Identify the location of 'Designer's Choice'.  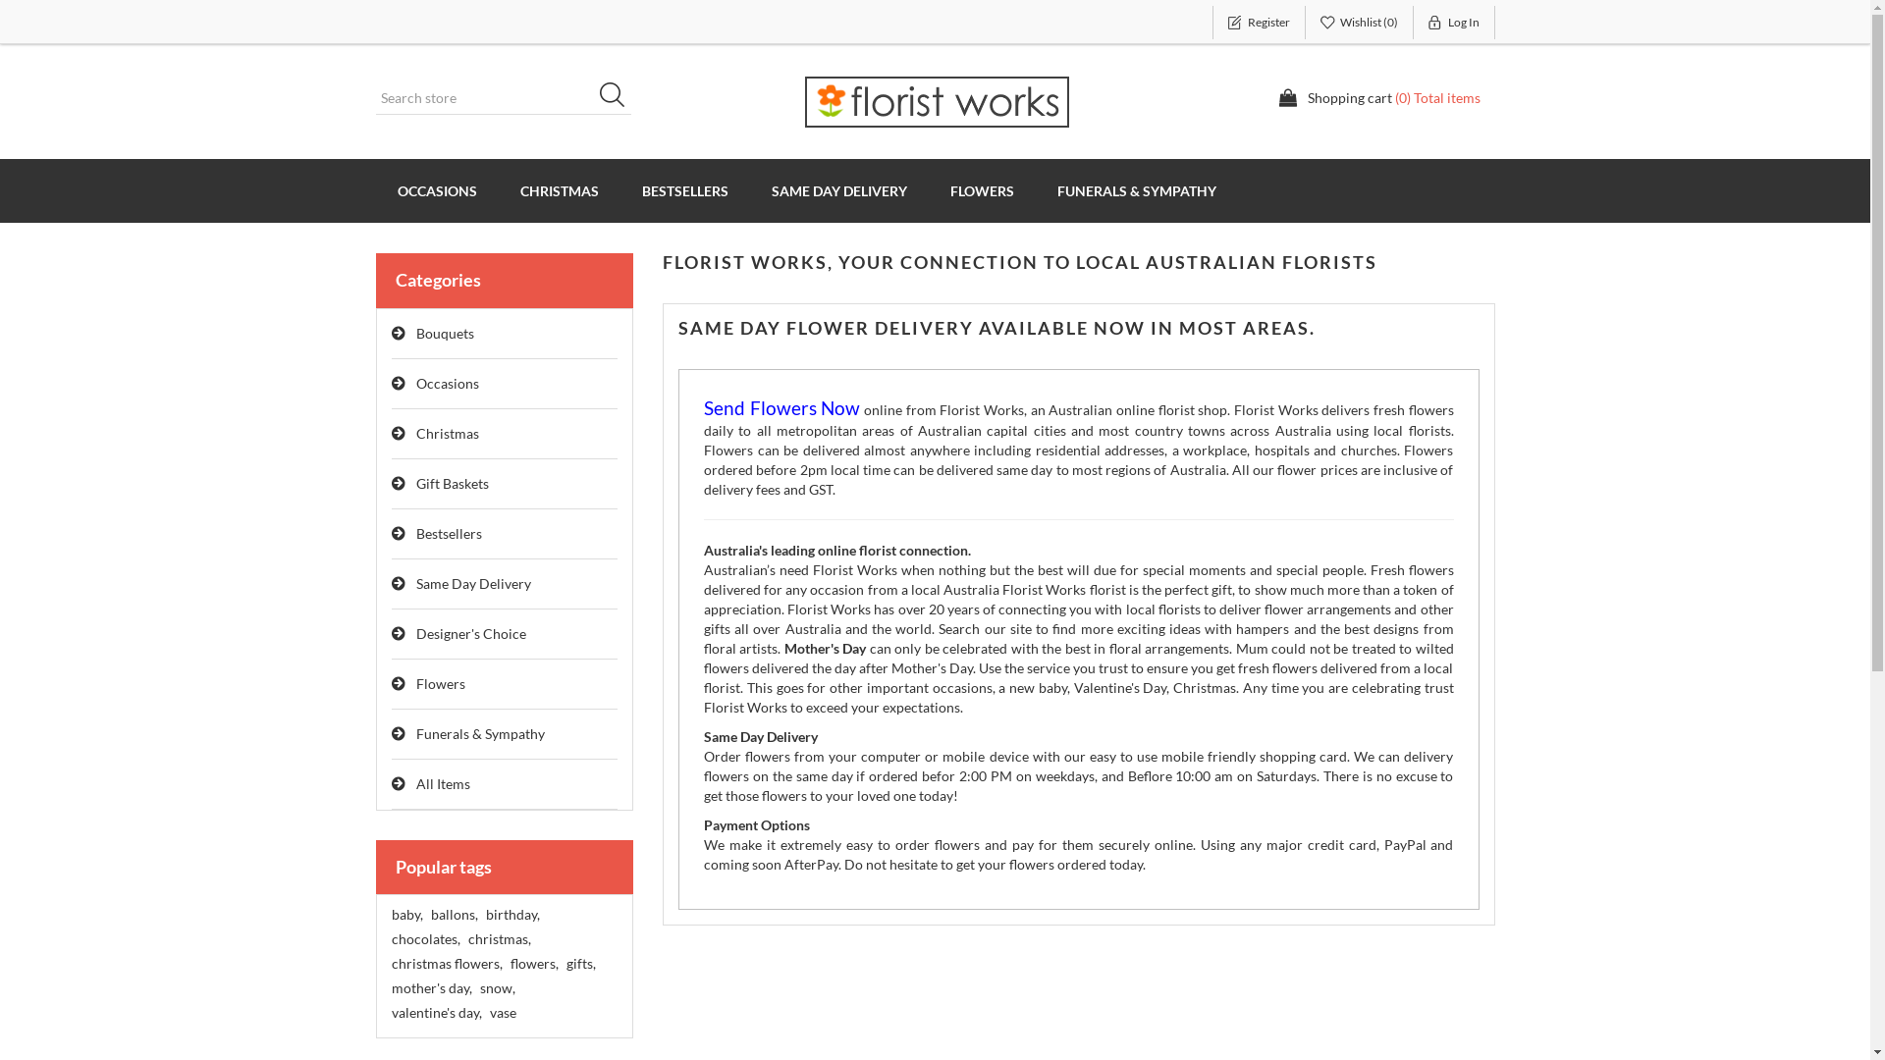
(391, 634).